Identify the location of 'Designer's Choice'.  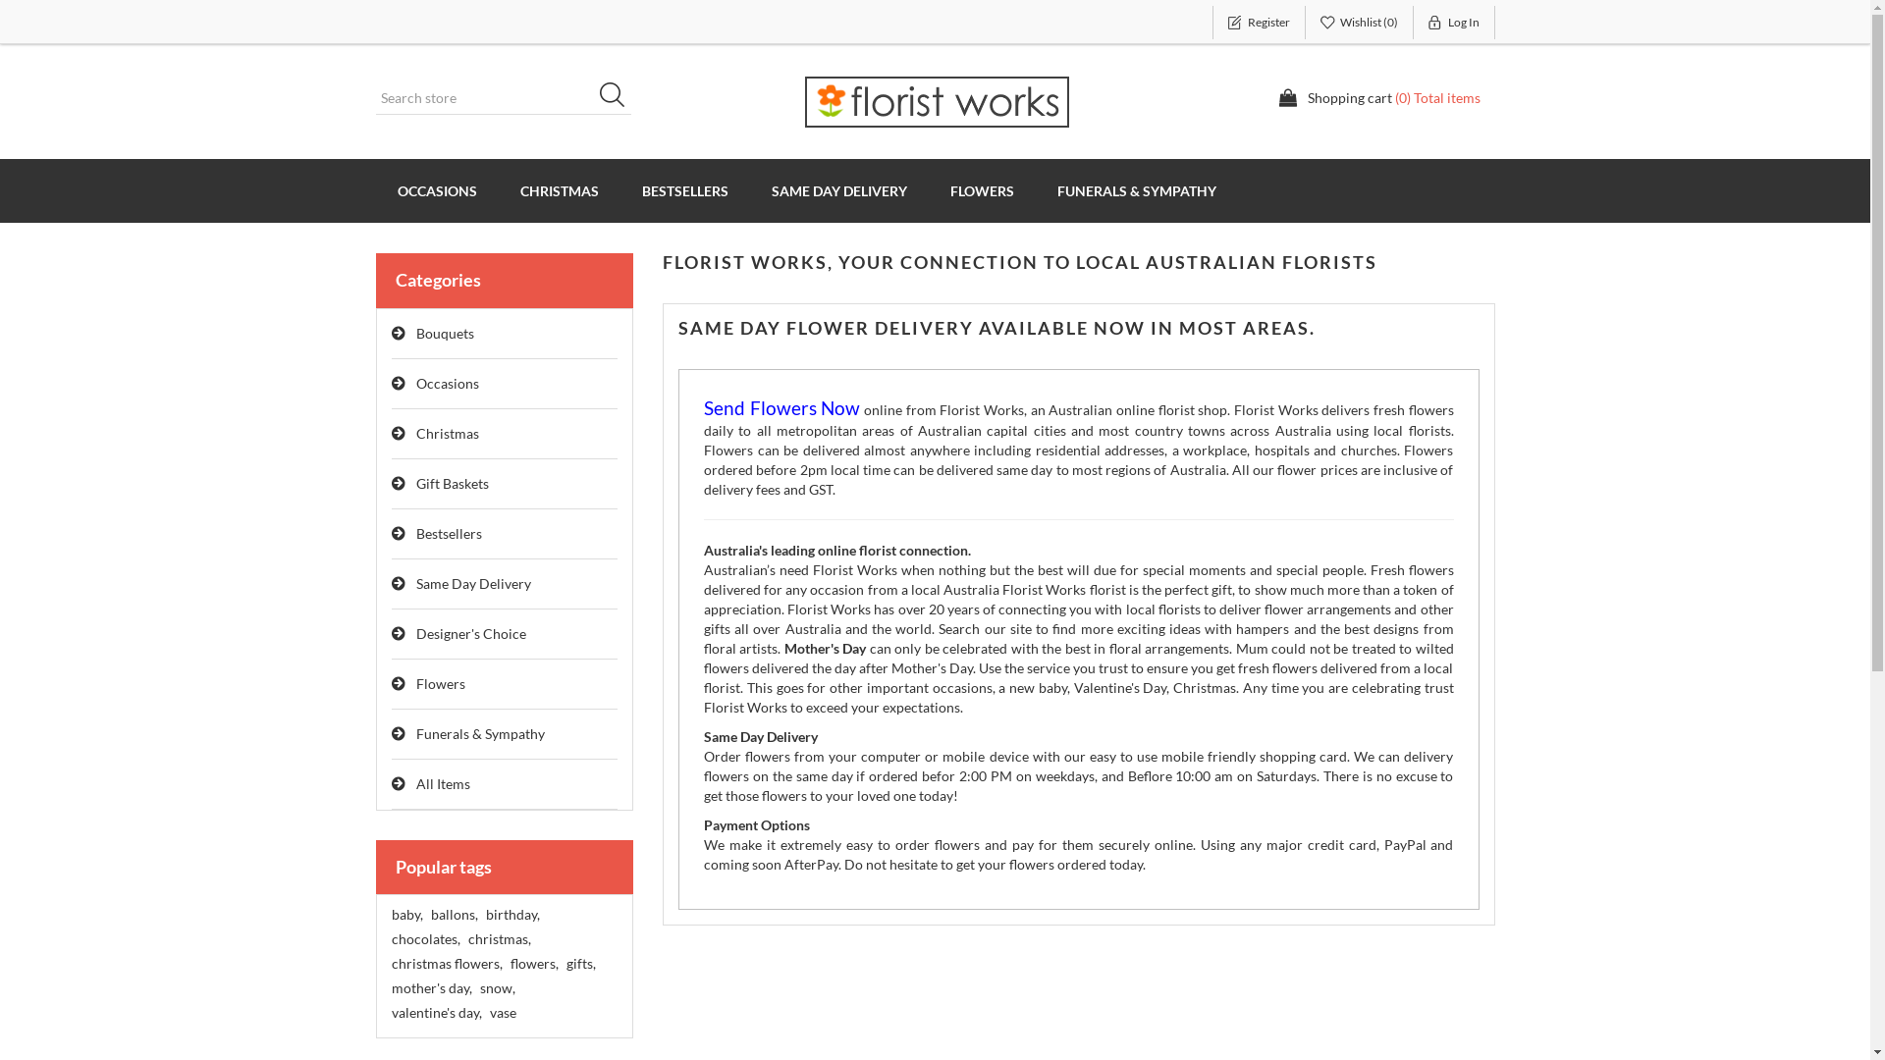
(391, 634).